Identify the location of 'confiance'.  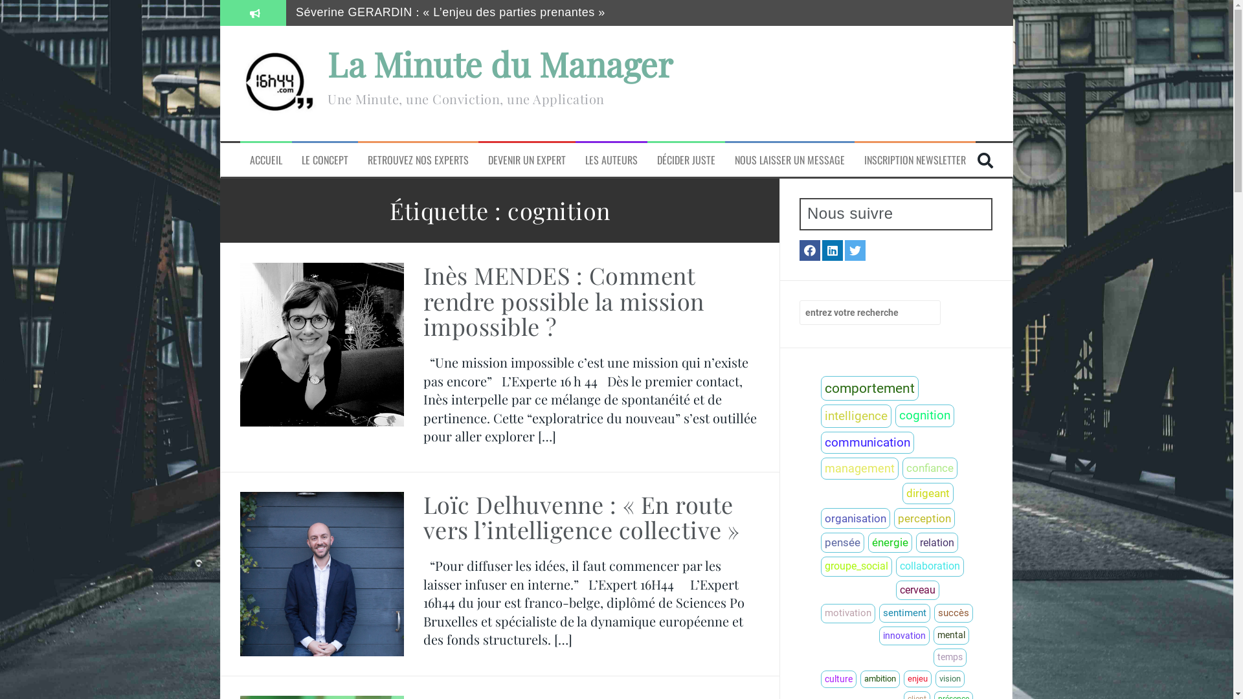
(929, 468).